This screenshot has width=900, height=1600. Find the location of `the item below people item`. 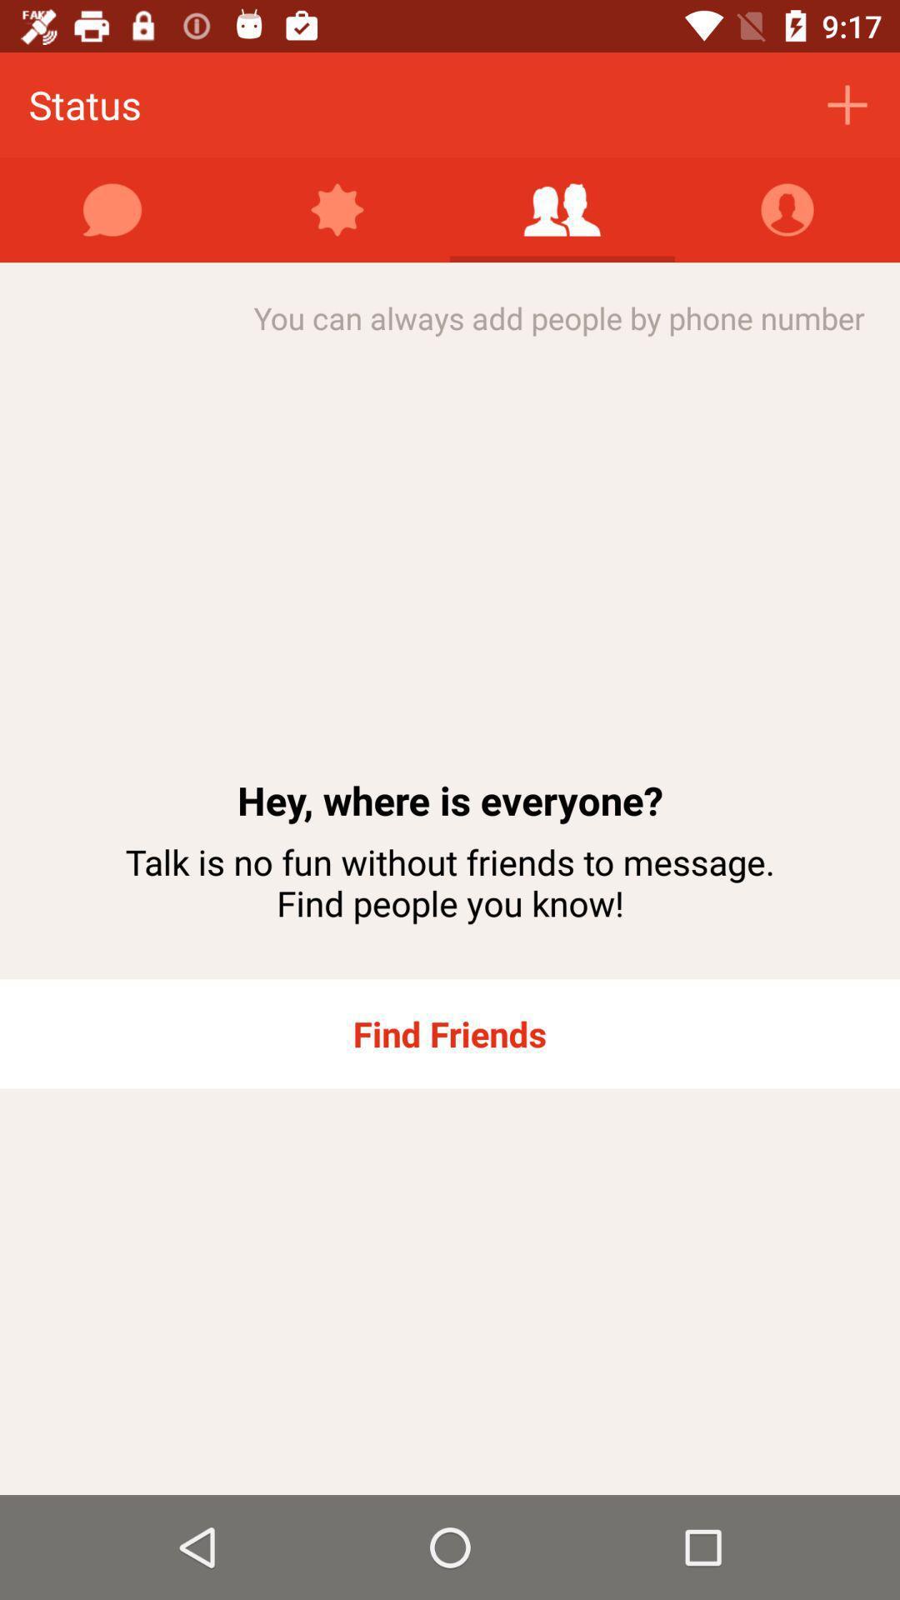

the item below people item is located at coordinates (112, 209).